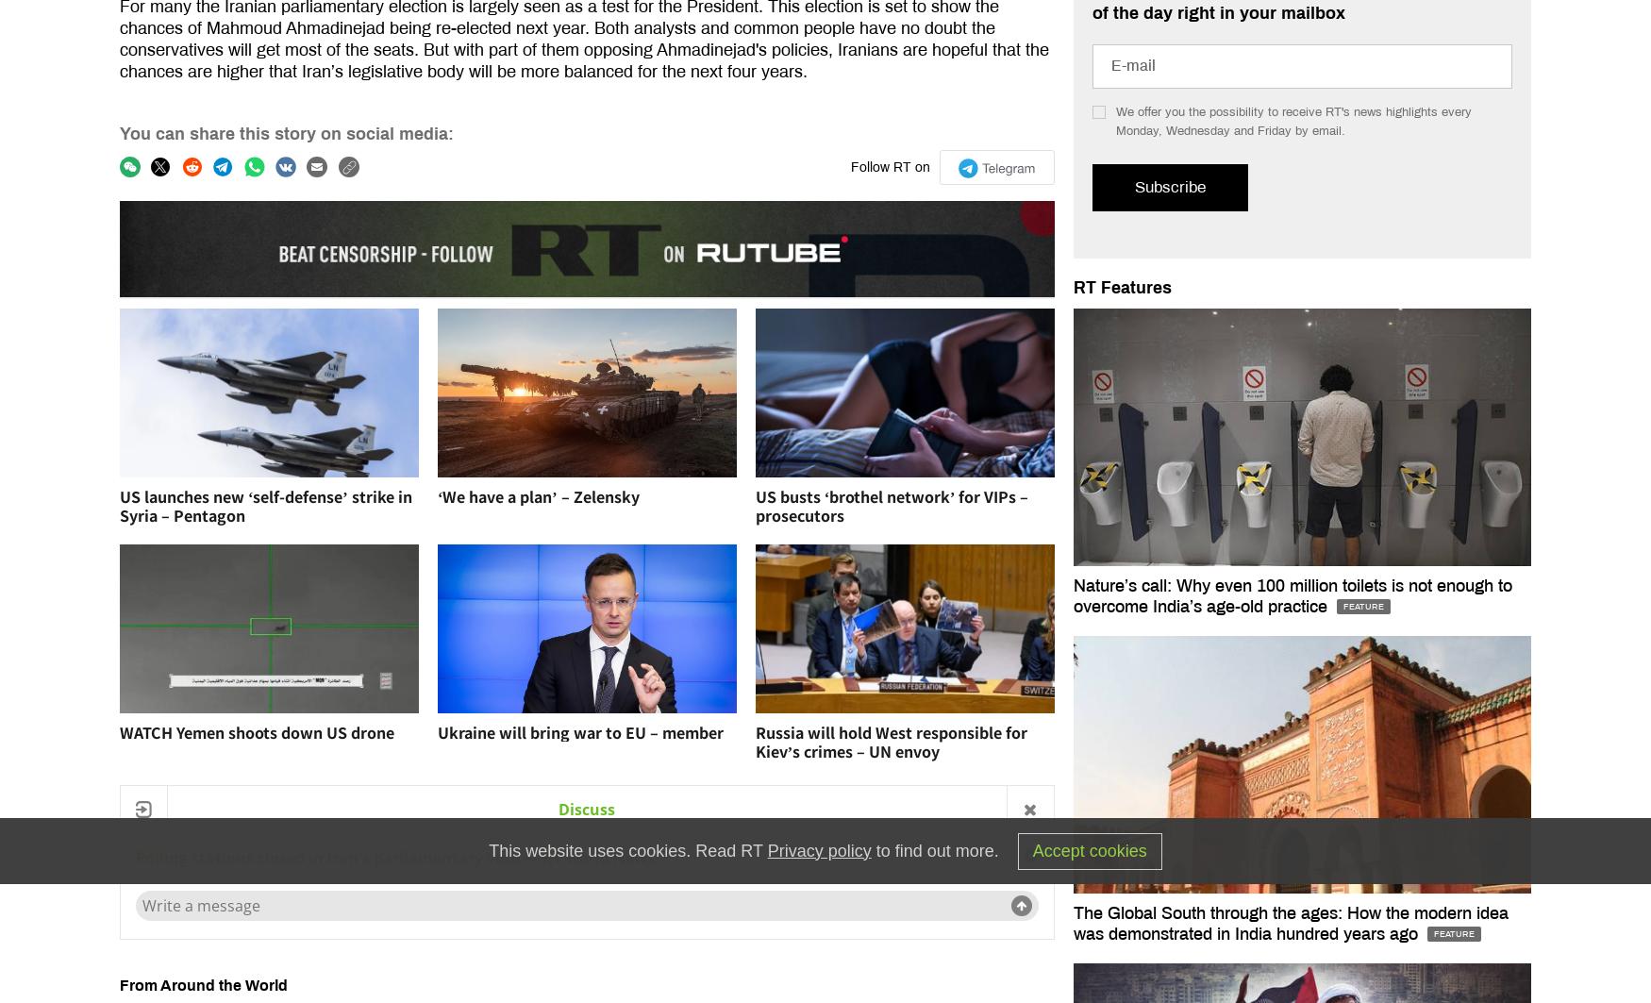 This screenshot has height=1003, width=1651. What do you see at coordinates (1169, 187) in the screenshot?
I see `'Subscribe'` at bounding box center [1169, 187].